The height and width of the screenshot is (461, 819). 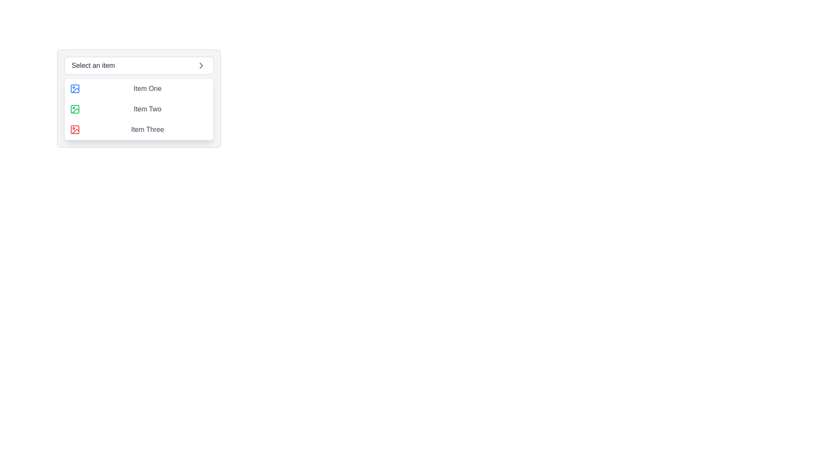 I want to click on the text item labeled 'Item Two', so click(x=139, y=108).